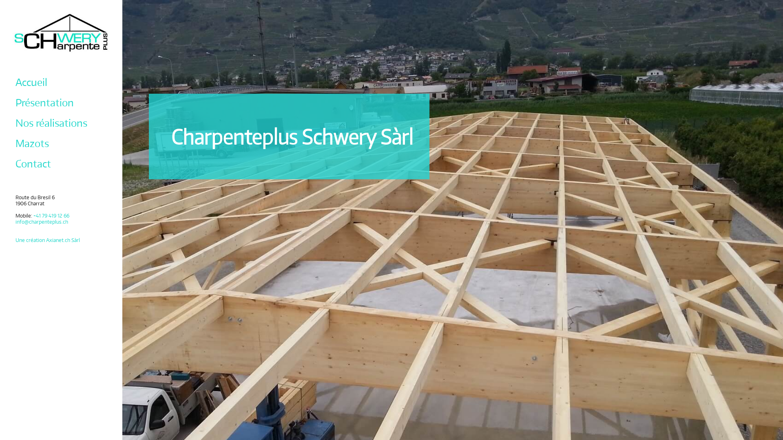 This screenshot has height=440, width=783. Describe the element at coordinates (32, 143) in the screenshot. I see `'Mazots'` at that location.